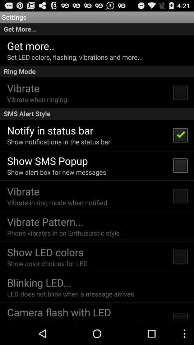  I want to click on the icon below vibrate when ringing, so click(97, 114).